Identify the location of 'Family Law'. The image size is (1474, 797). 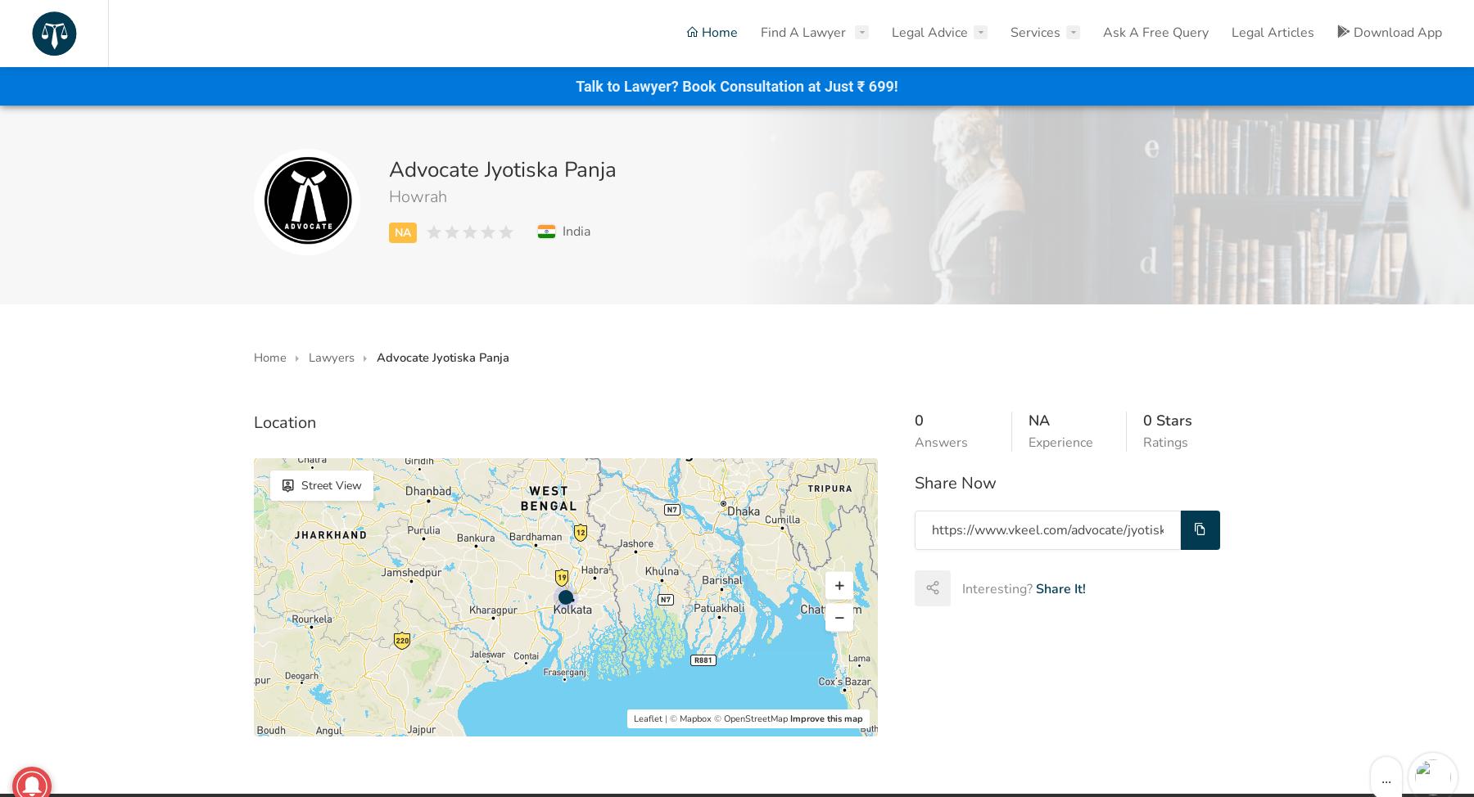
(556, 153).